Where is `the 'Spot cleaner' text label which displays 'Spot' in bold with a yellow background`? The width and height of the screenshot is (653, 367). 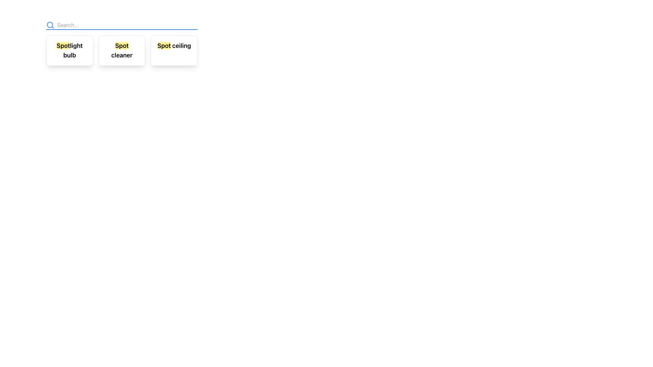
the 'Spot cleaner' text label which displays 'Spot' in bold with a yellow background is located at coordinates (122, 50).